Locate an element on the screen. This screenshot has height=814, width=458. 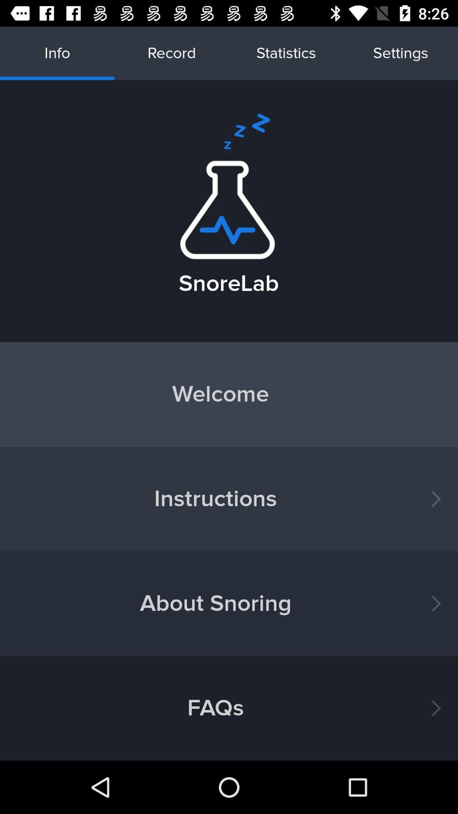
button below about snoring button is located at coordinates (229, 708).